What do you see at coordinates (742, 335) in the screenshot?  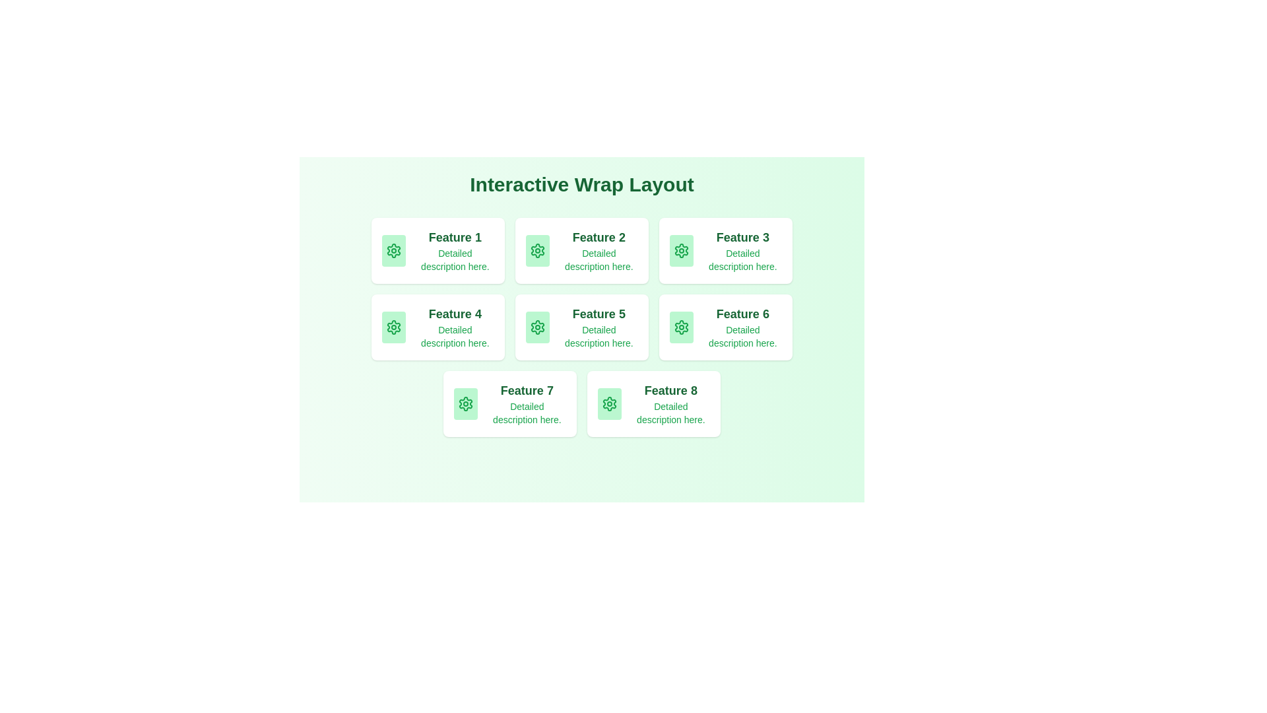 I see `the text that provides additional details about 'Feature 6', which is centrally located in the last column of the second row of a 3x3 grid layout` at bounding box center [742, 335].